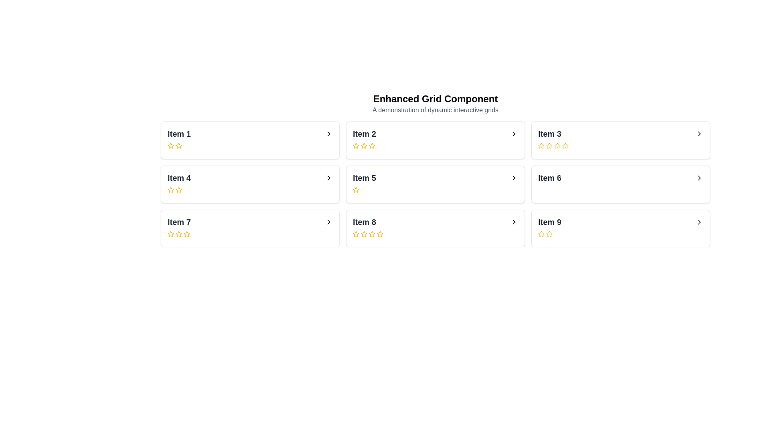  What do you see at coordinates (178, 177) in the screenshot?
I see `the static text label displaying 'Item 4', which is styled as a header in bold, large dark gray font, located in the second row and first column of a grid layout` at bounding box center [178, 177].